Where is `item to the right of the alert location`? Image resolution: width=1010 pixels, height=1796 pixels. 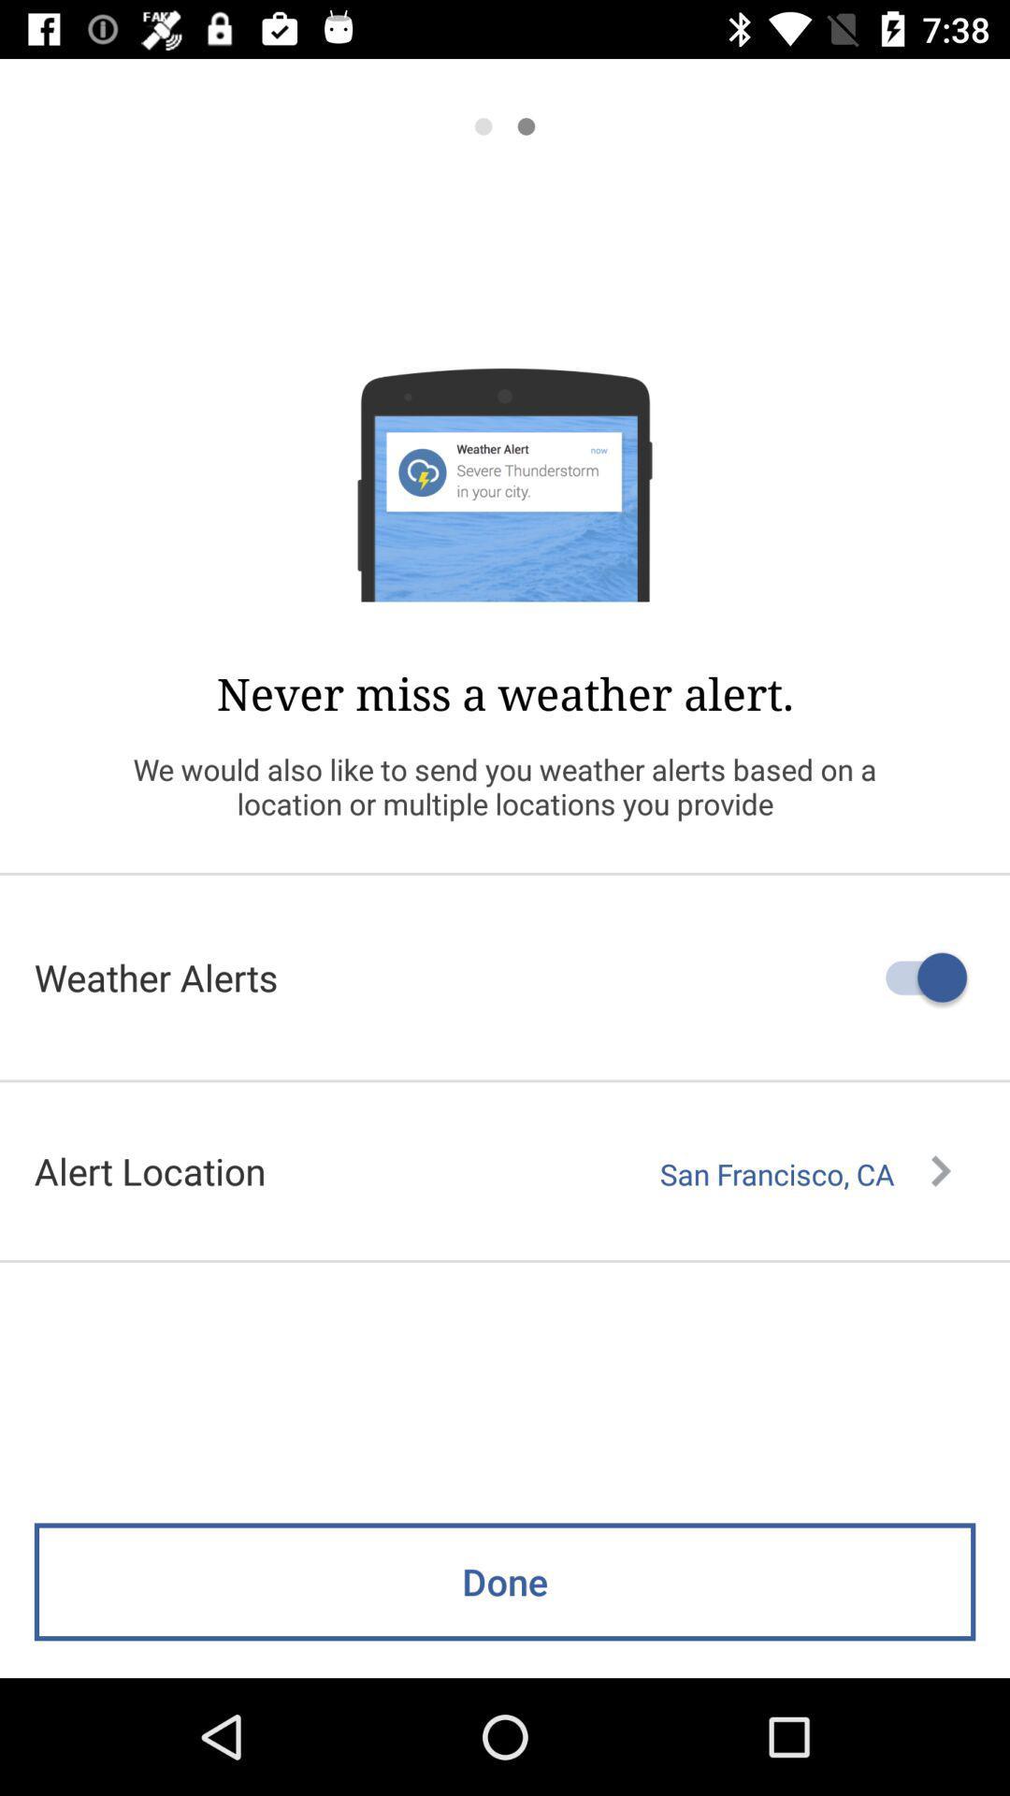 item to the right of the alert location is located at coordinates (804, 1173).